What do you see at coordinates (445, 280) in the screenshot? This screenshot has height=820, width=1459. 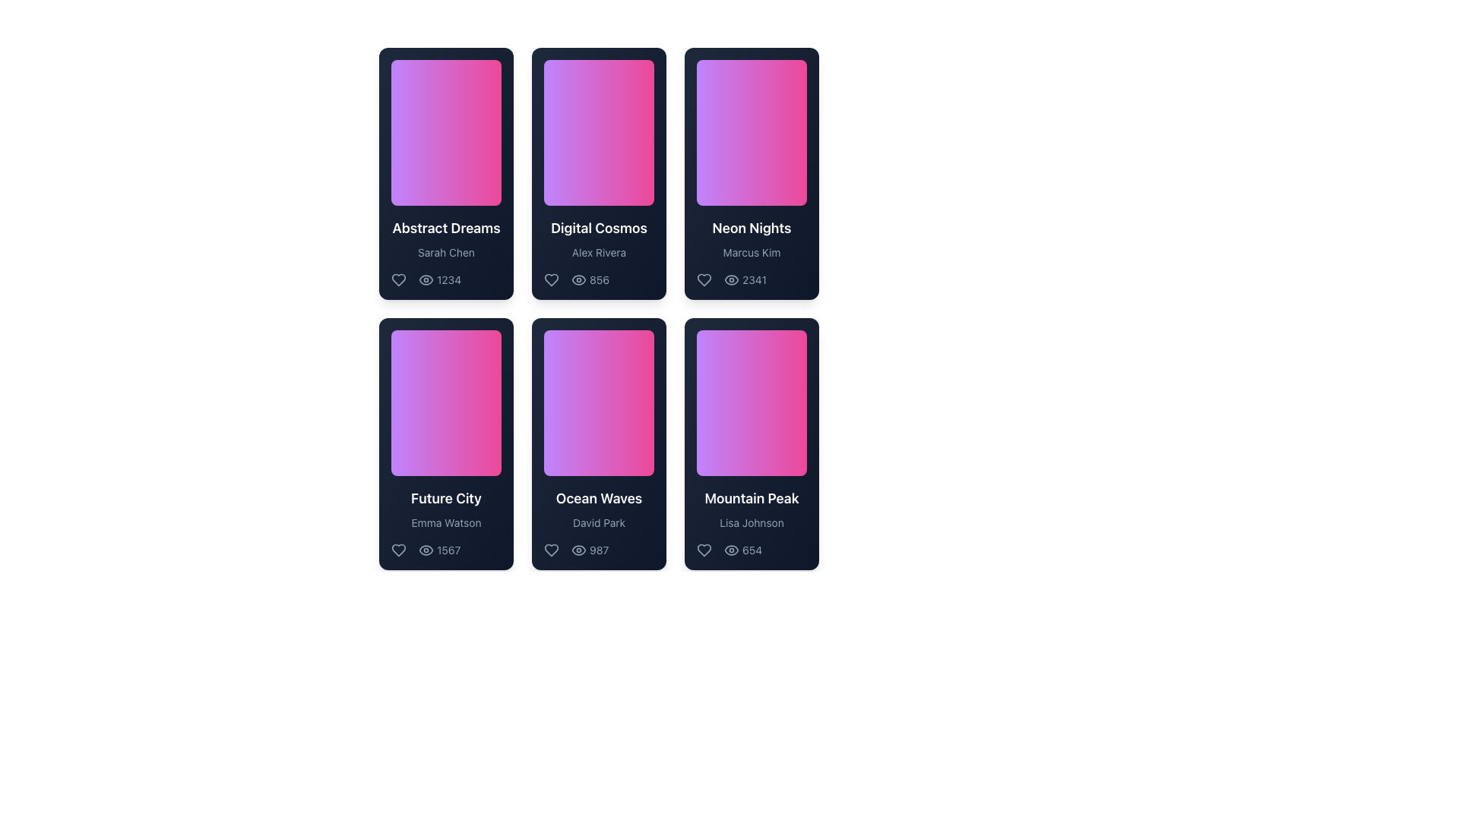 I see `the text label displaying the number of views associated with the card 'Abstract Dreams' by Sarah Chen, located in the bottom-right area of the card, to the right of the eye icon` at bounding box center [445, 280].